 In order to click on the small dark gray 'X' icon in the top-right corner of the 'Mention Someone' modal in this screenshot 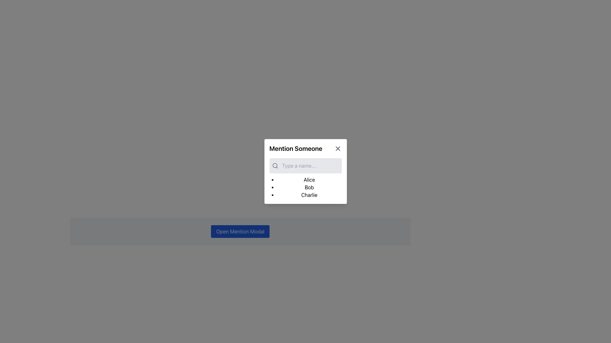, I will do `click(337, 148)`.